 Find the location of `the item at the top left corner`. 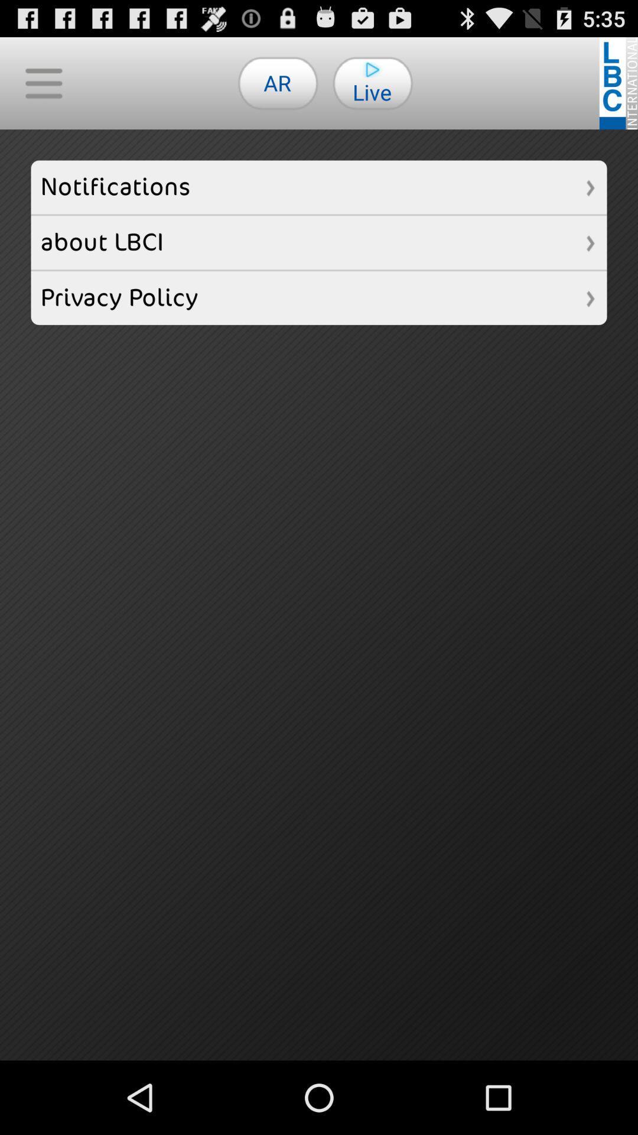

the item at the top left corner is located at coordinates (43, 82).